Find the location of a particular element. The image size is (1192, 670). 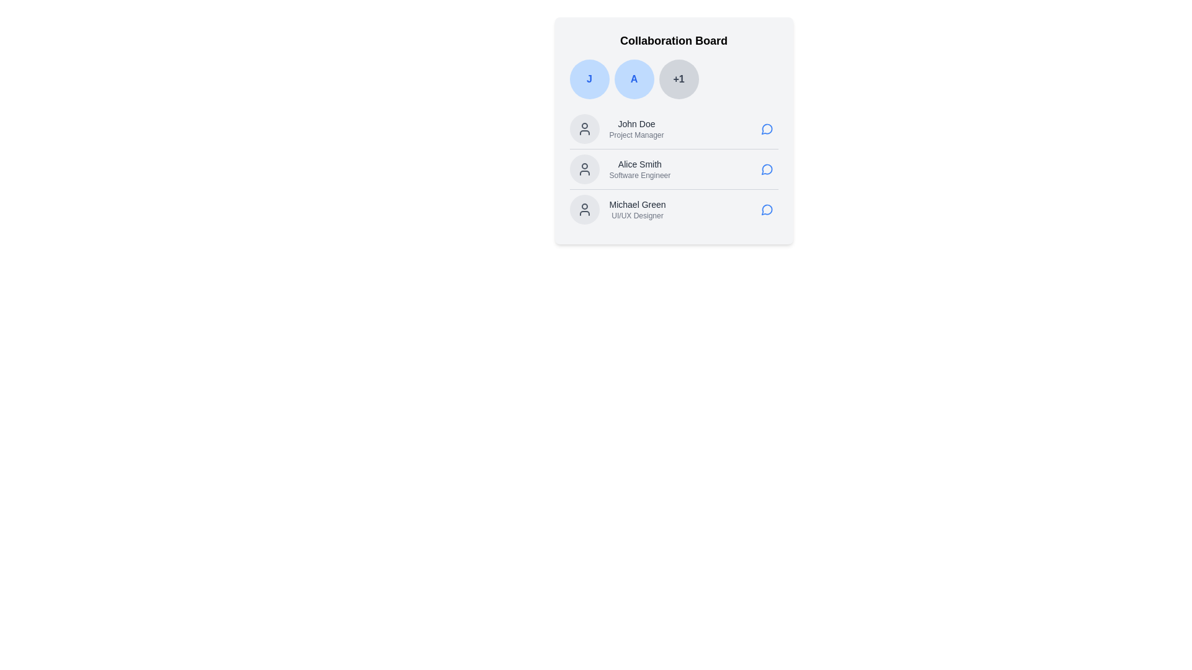

the text label component displaying the user's name and role located on the last row of the collaborators list in the 'Collaboration Board' card, positioned to the right of the circular user avatar icon is located at coordinates (638, 209).